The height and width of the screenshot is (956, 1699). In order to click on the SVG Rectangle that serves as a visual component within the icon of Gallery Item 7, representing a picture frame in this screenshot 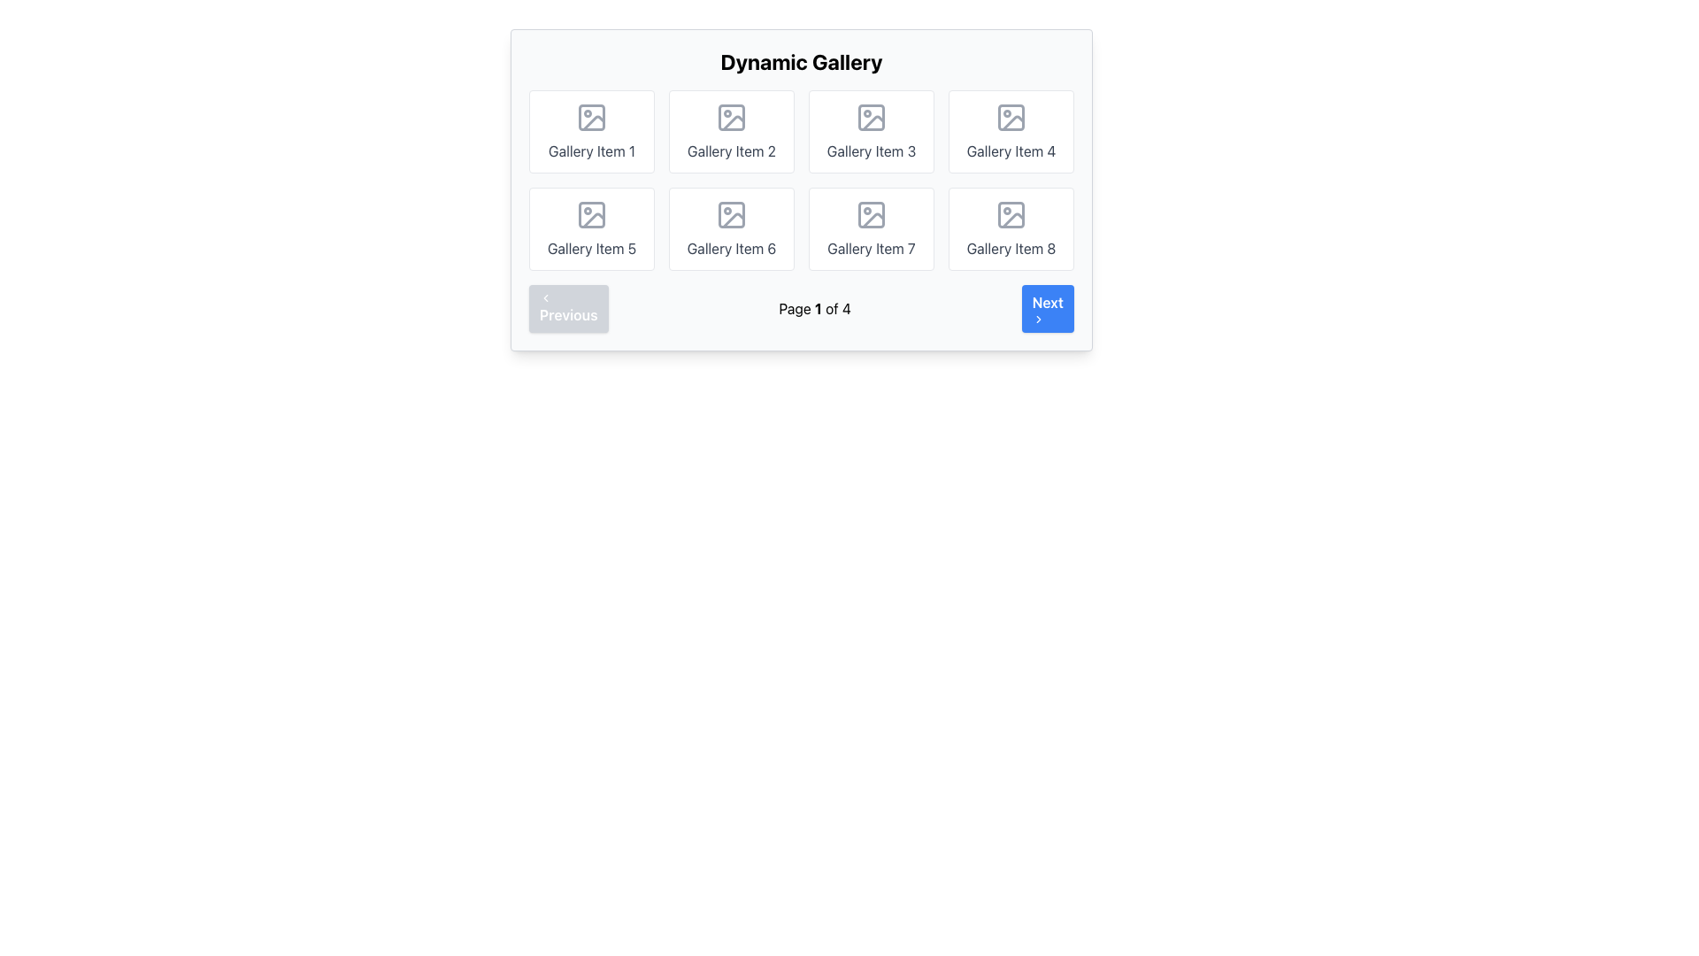, I will do `click(871, 214)`.